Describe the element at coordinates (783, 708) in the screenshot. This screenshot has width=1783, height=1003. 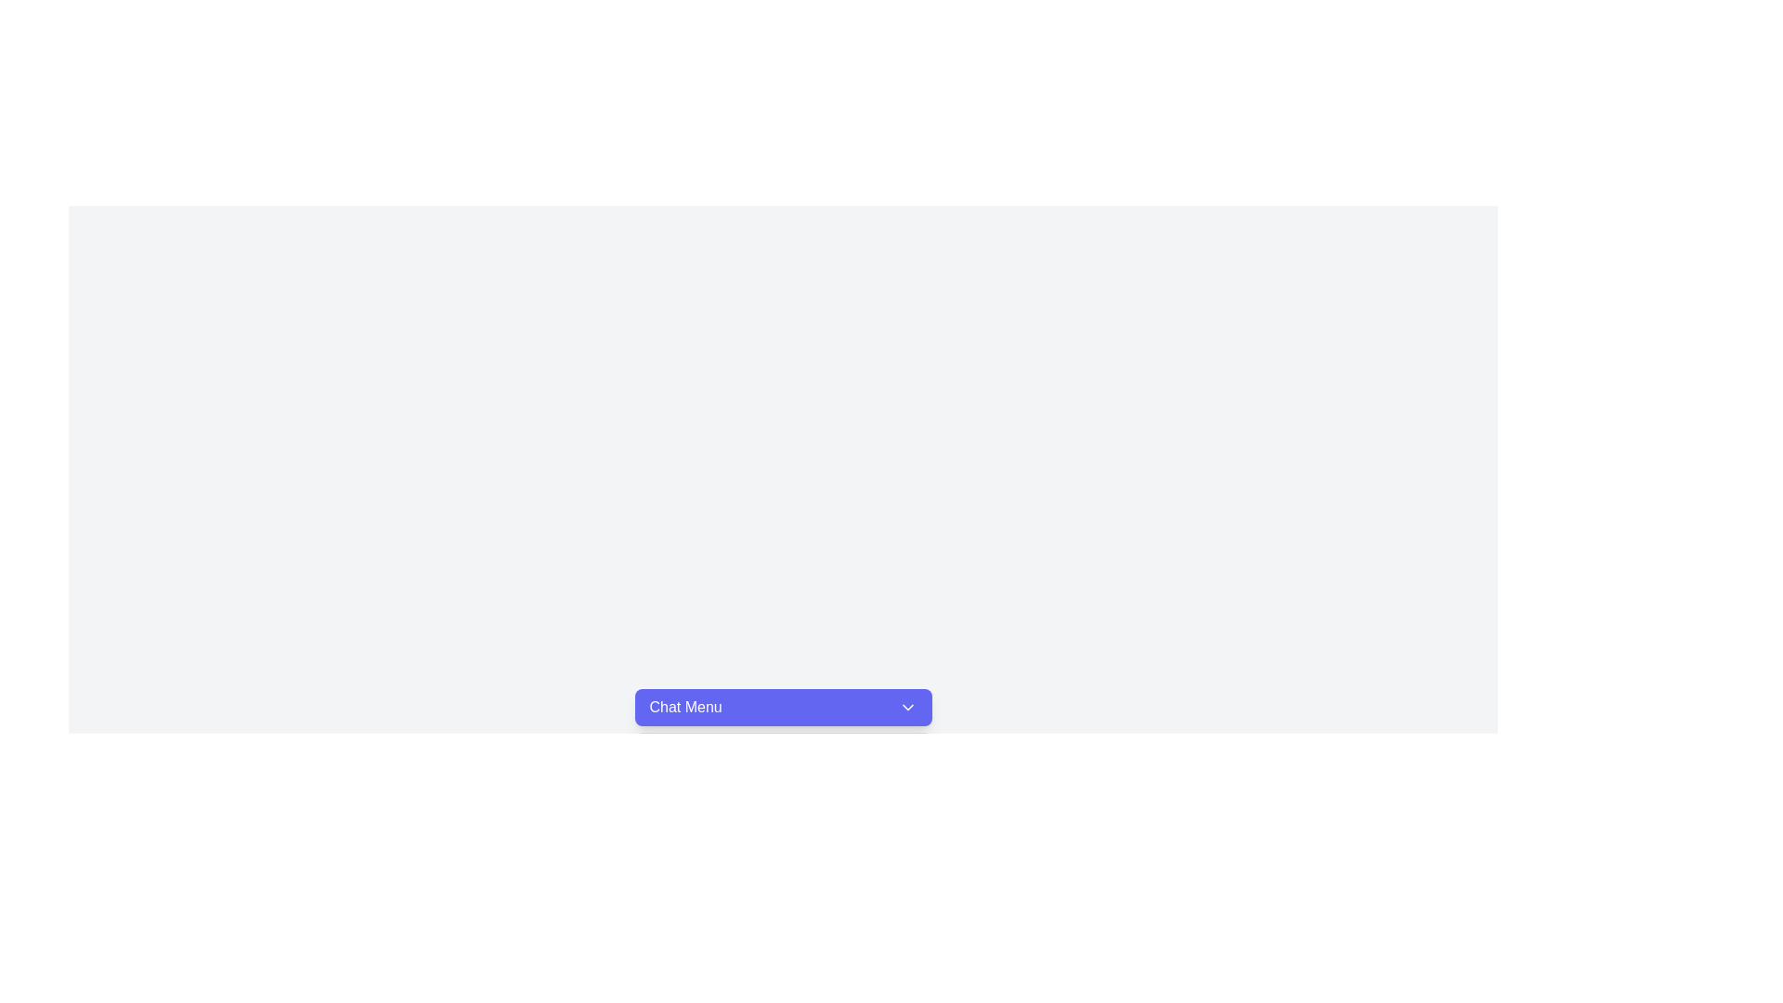
I see `the menu trigger button located near the center-bottom of the interface` at that location.